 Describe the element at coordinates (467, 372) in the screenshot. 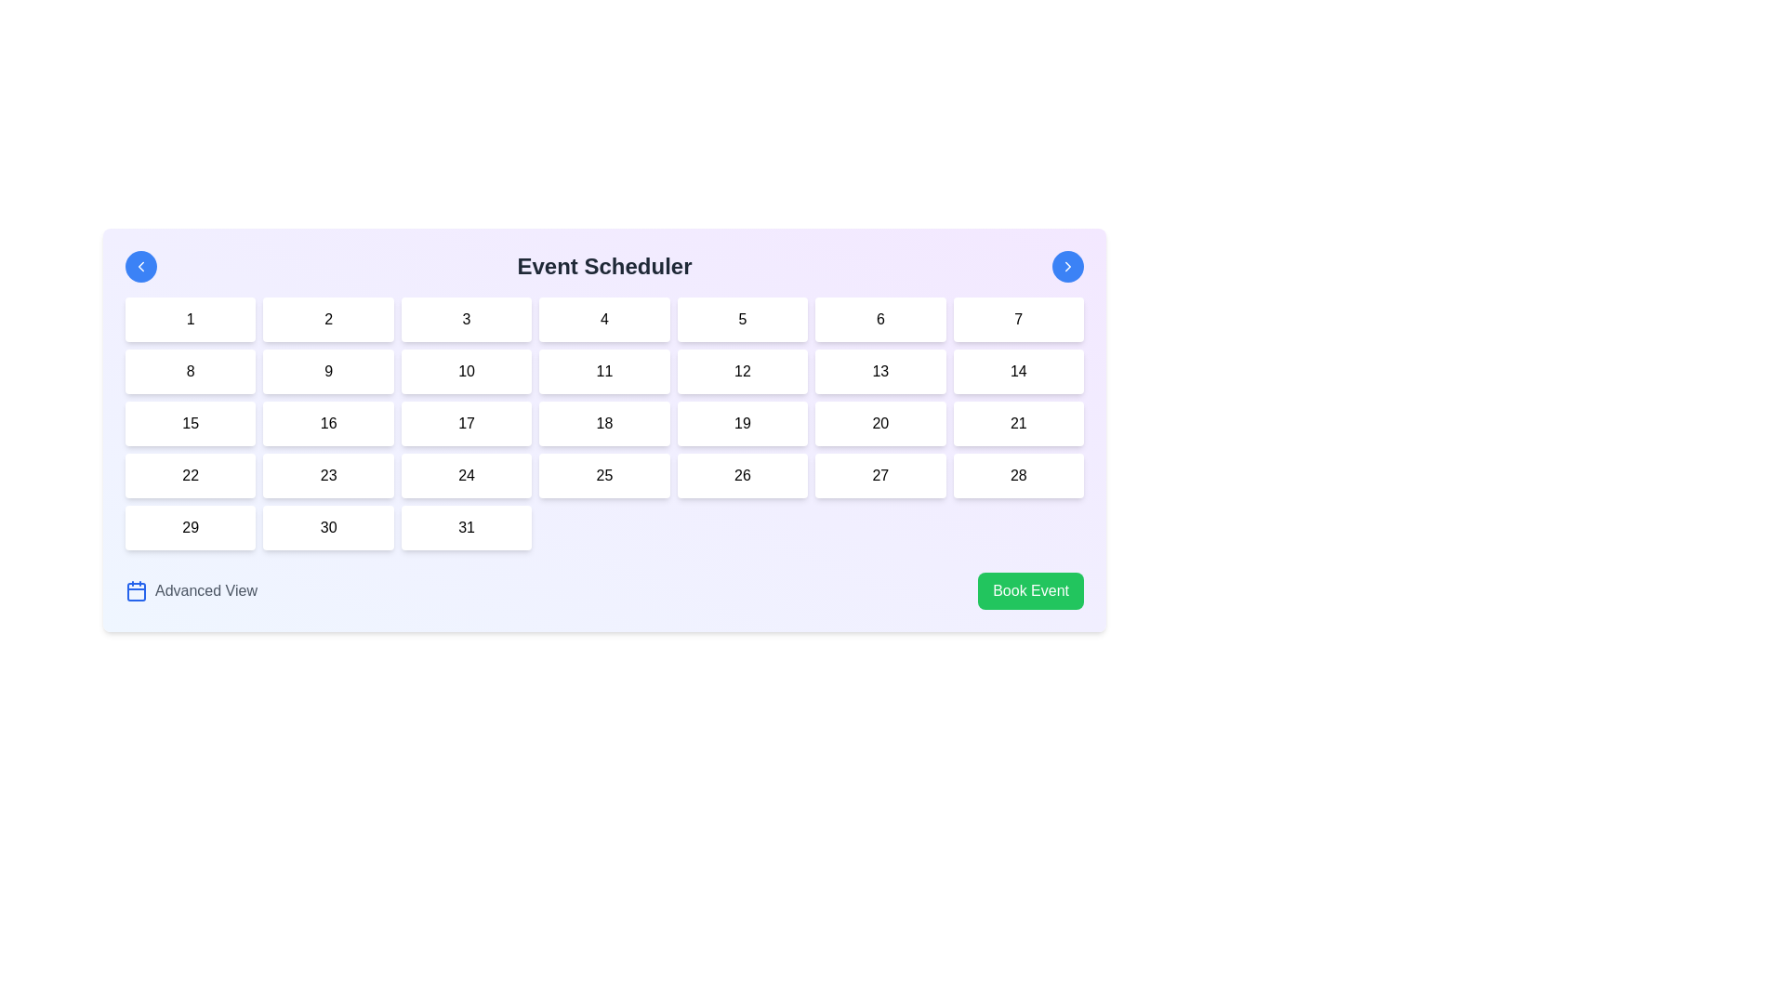

I see `the button labeled '10' within the 'Event Scheduler' grid to observe the background color change to light blue` at that location.